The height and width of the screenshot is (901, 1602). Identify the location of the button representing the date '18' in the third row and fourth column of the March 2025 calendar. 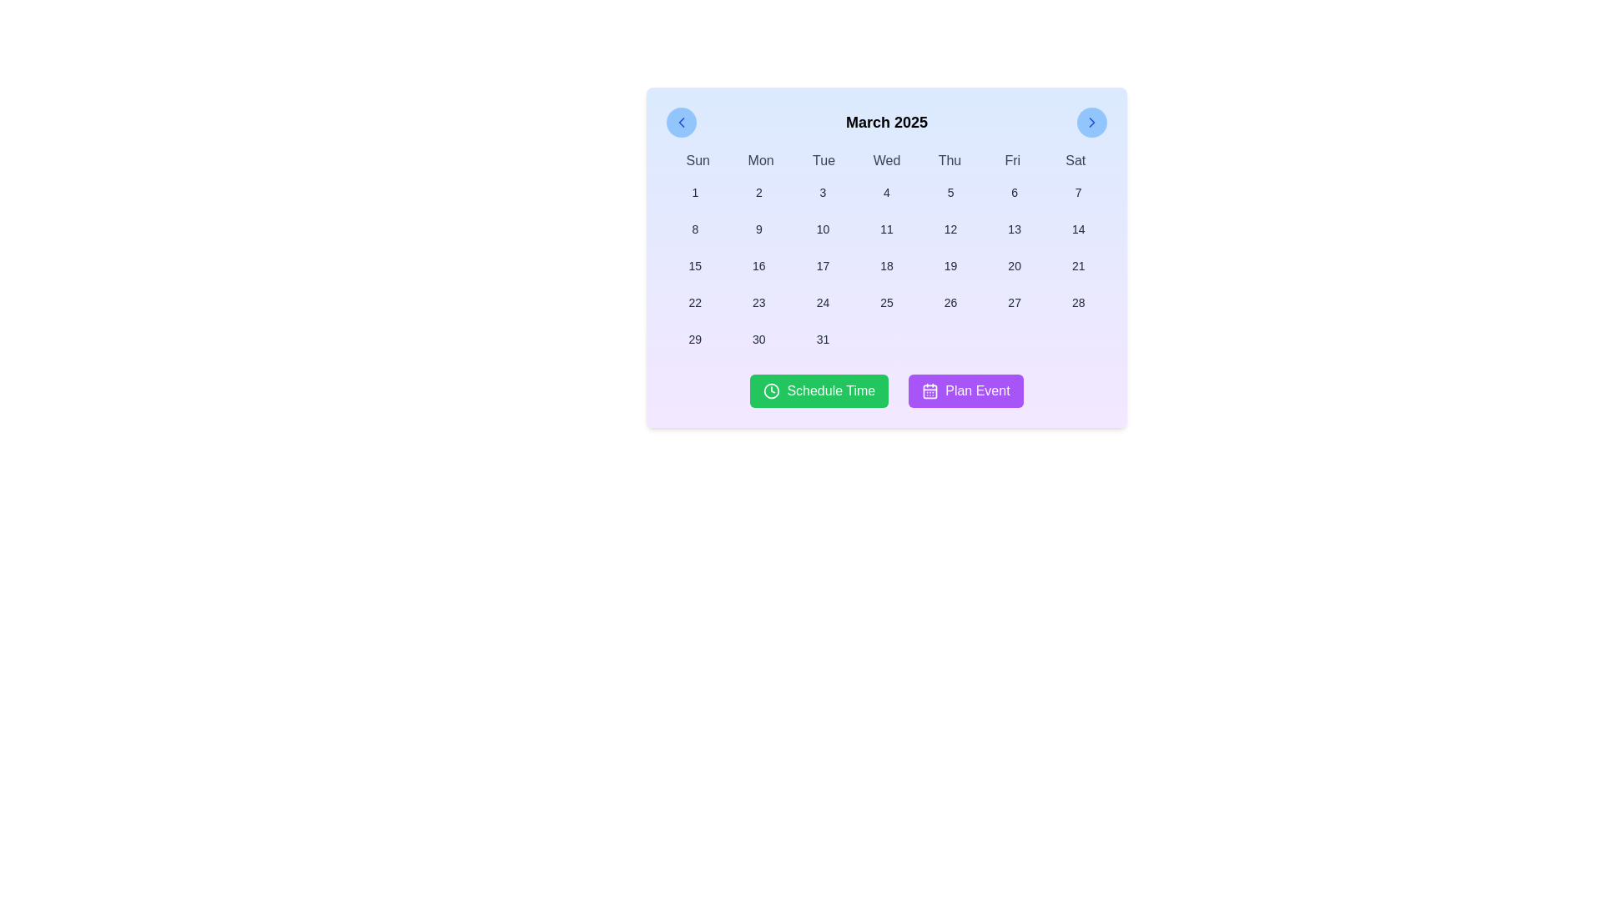
(885, 265).